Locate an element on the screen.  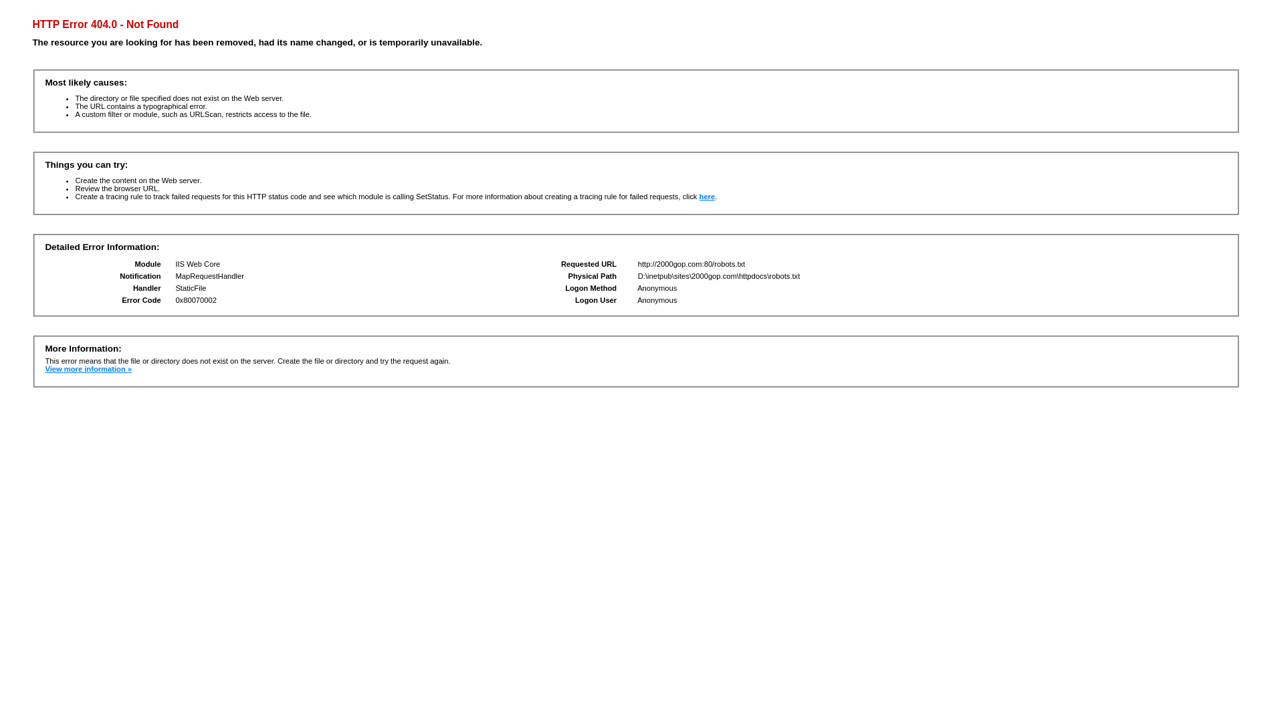
'here' is located at coordinates (699, 196).